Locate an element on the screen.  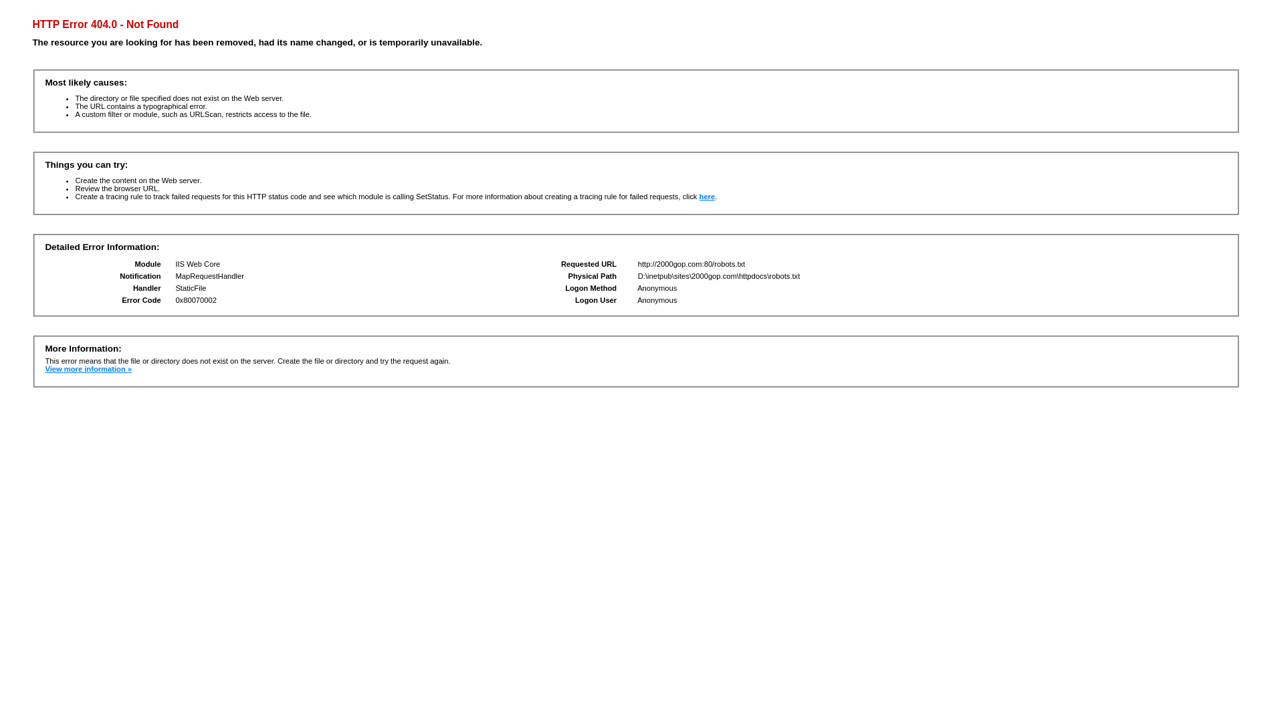
'here' is located at coordinates (699, 196).